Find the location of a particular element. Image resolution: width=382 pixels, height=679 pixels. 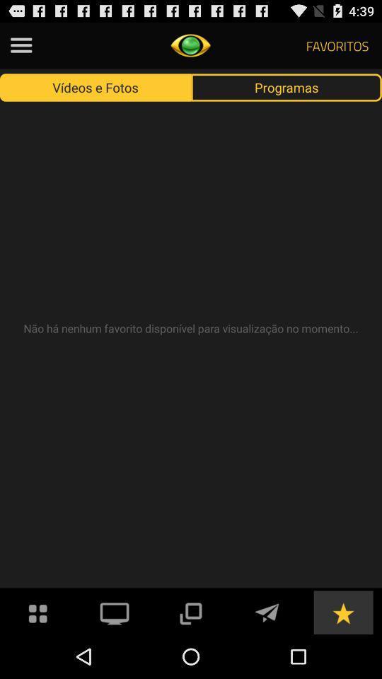

favoritos is located at coordinates (342, 611).